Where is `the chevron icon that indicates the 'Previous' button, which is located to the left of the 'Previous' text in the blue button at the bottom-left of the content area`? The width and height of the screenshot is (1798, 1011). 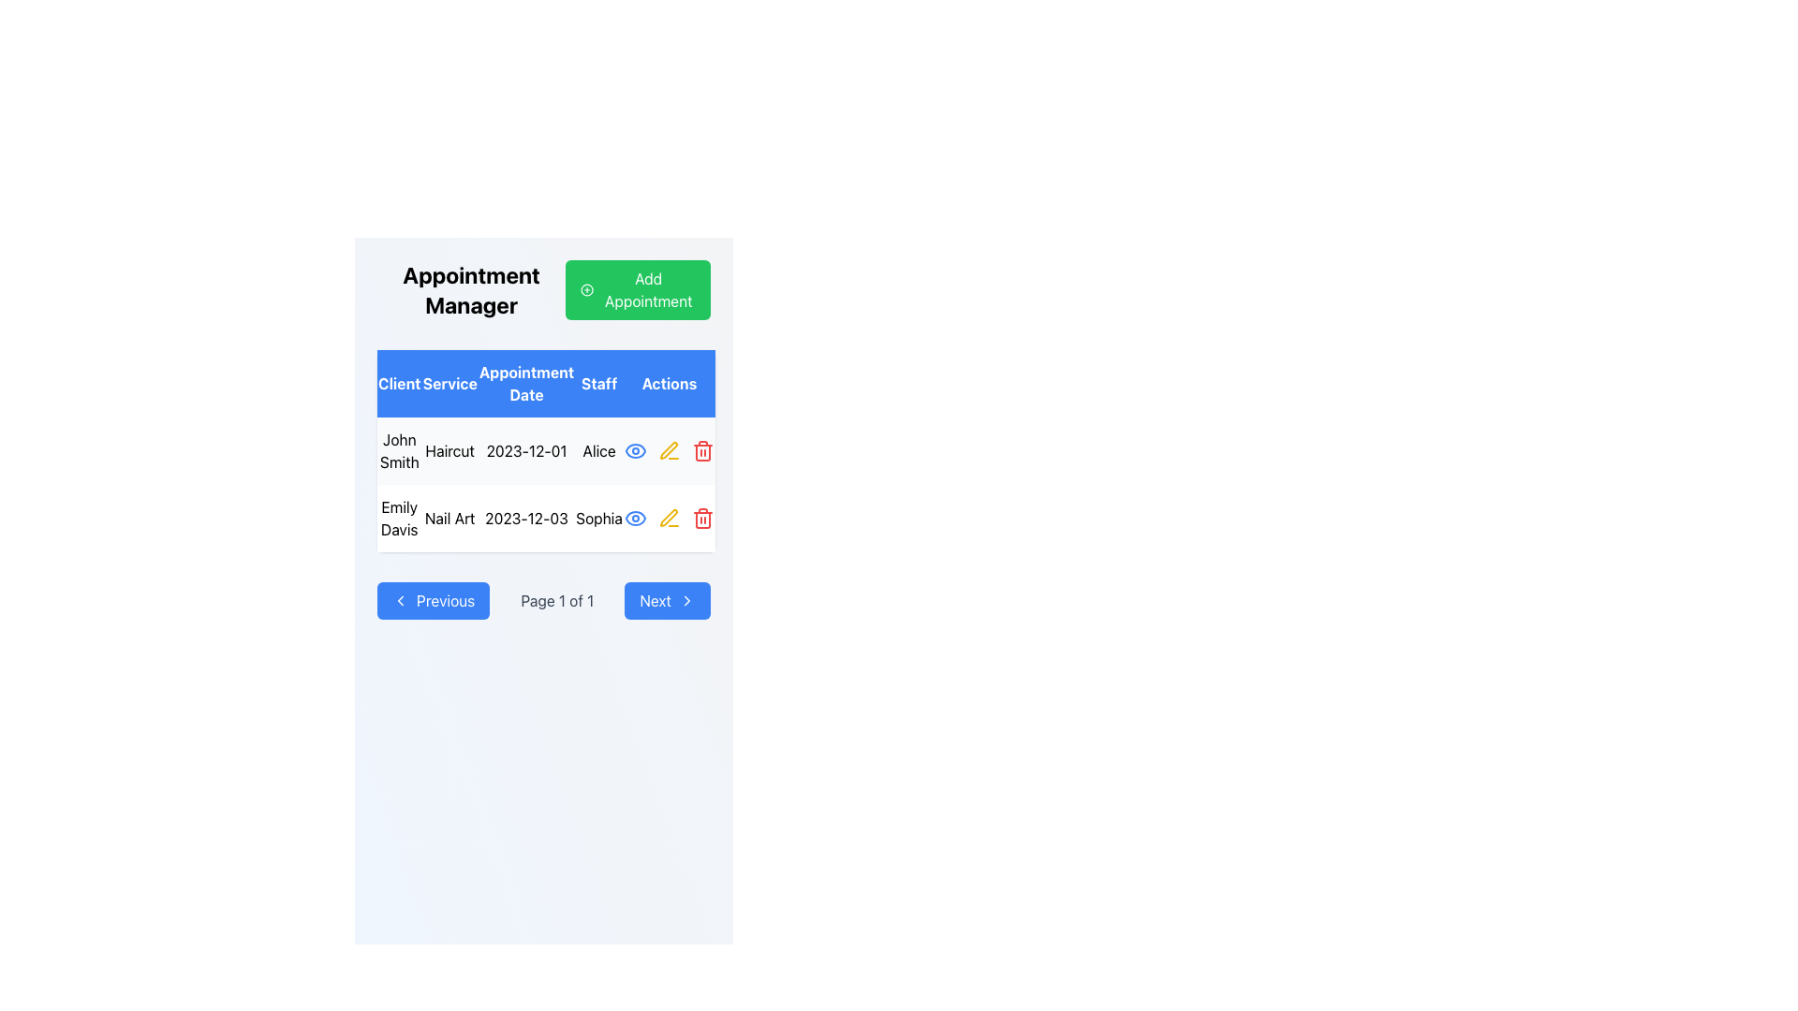
the chevron icon that indicates the 'Previous' button, which is located to the left of the 'Previous' text in the blue button at the bottom-left of the content area is located at coordinates (399, 600).